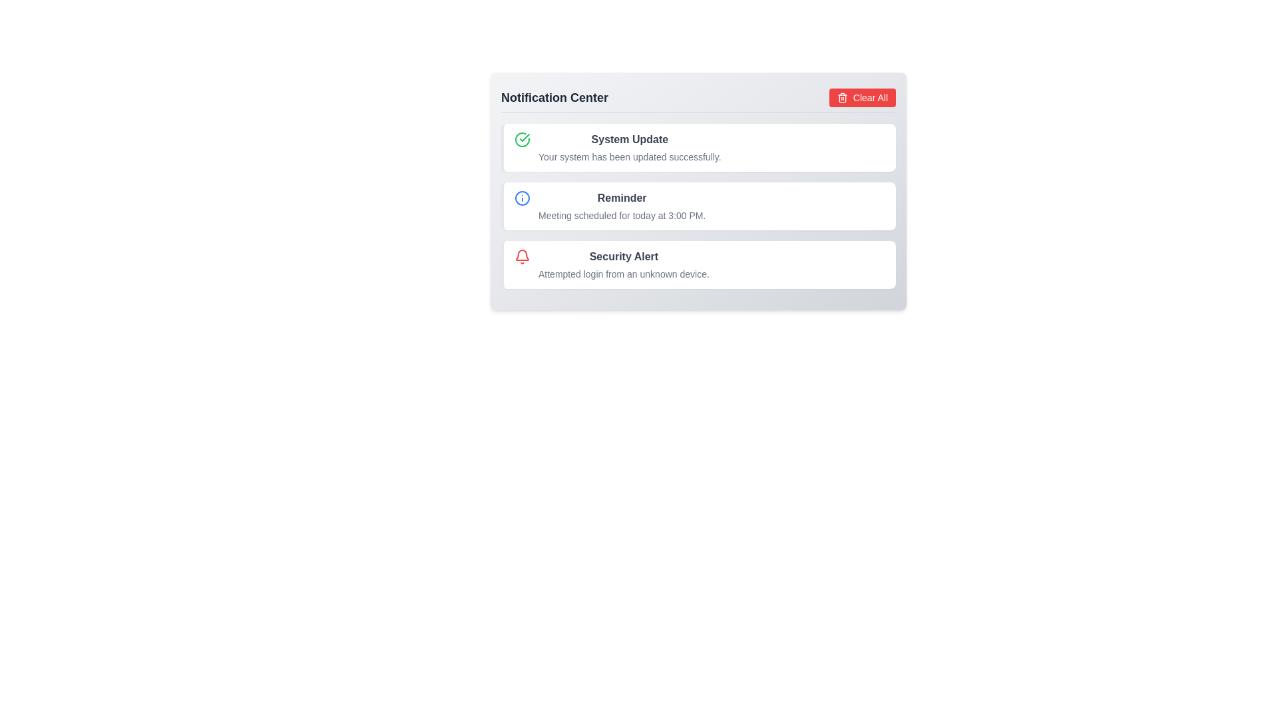  What do you see at coordinates (629, 148) in the screenshot?
I see `the notification label indicating the success of the update process, located in the first notification card of the notification center` at bounding box center [629, 148].